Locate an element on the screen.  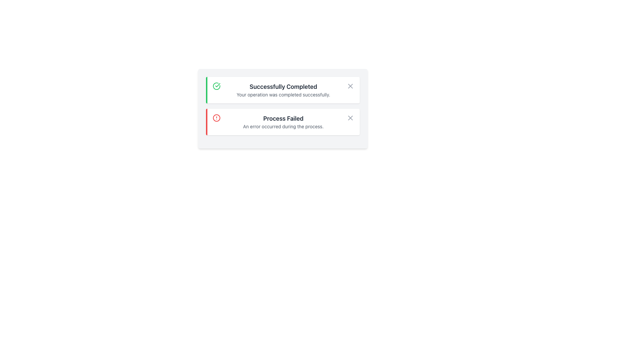
the notification panel which includes success and error messages about operations, identifiable by its light gray background and distinct sections with green and red borders is located at coordinates (283, 108).